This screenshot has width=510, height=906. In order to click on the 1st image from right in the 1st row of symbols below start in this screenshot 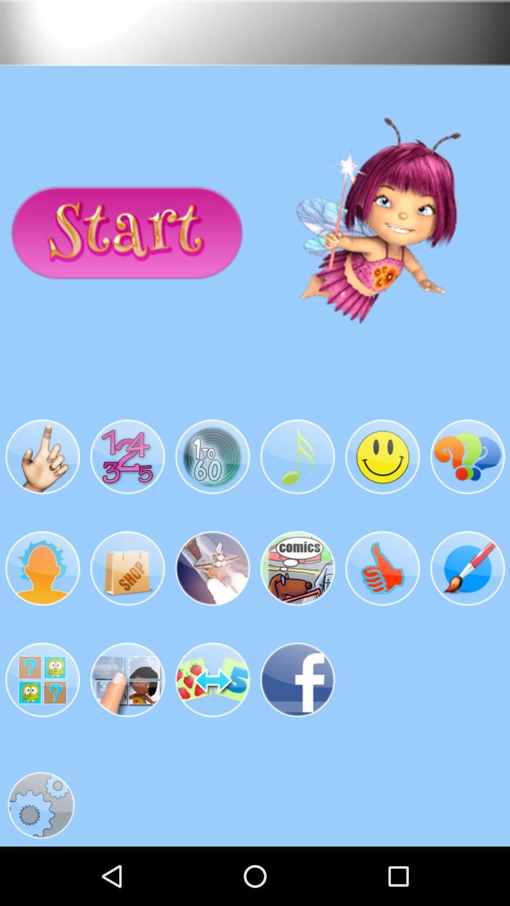, I will do `click(467, 457)`.